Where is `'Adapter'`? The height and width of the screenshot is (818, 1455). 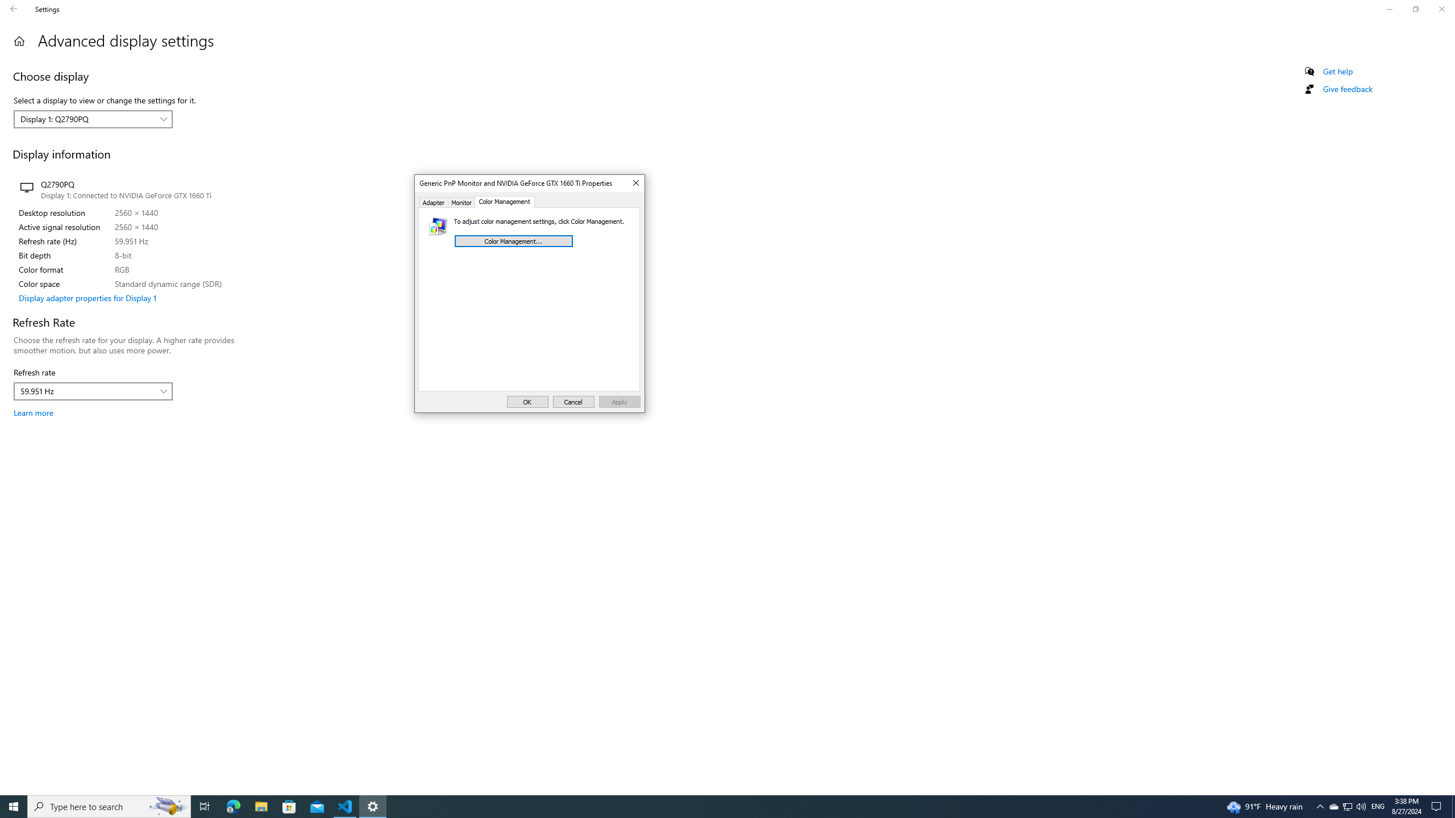
'Adapter' is located at coordinates (433, 202).